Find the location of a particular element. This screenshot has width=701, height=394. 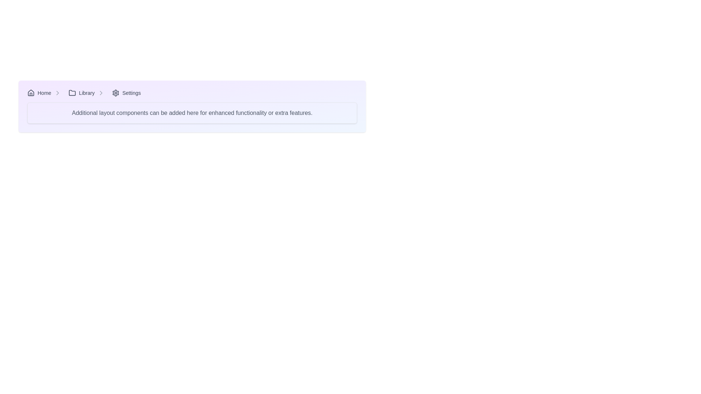

the folder icon in the breadcrumb navigation interface, located between the 'Home' and 'Settings' icons is located at coordinates (72, 92).